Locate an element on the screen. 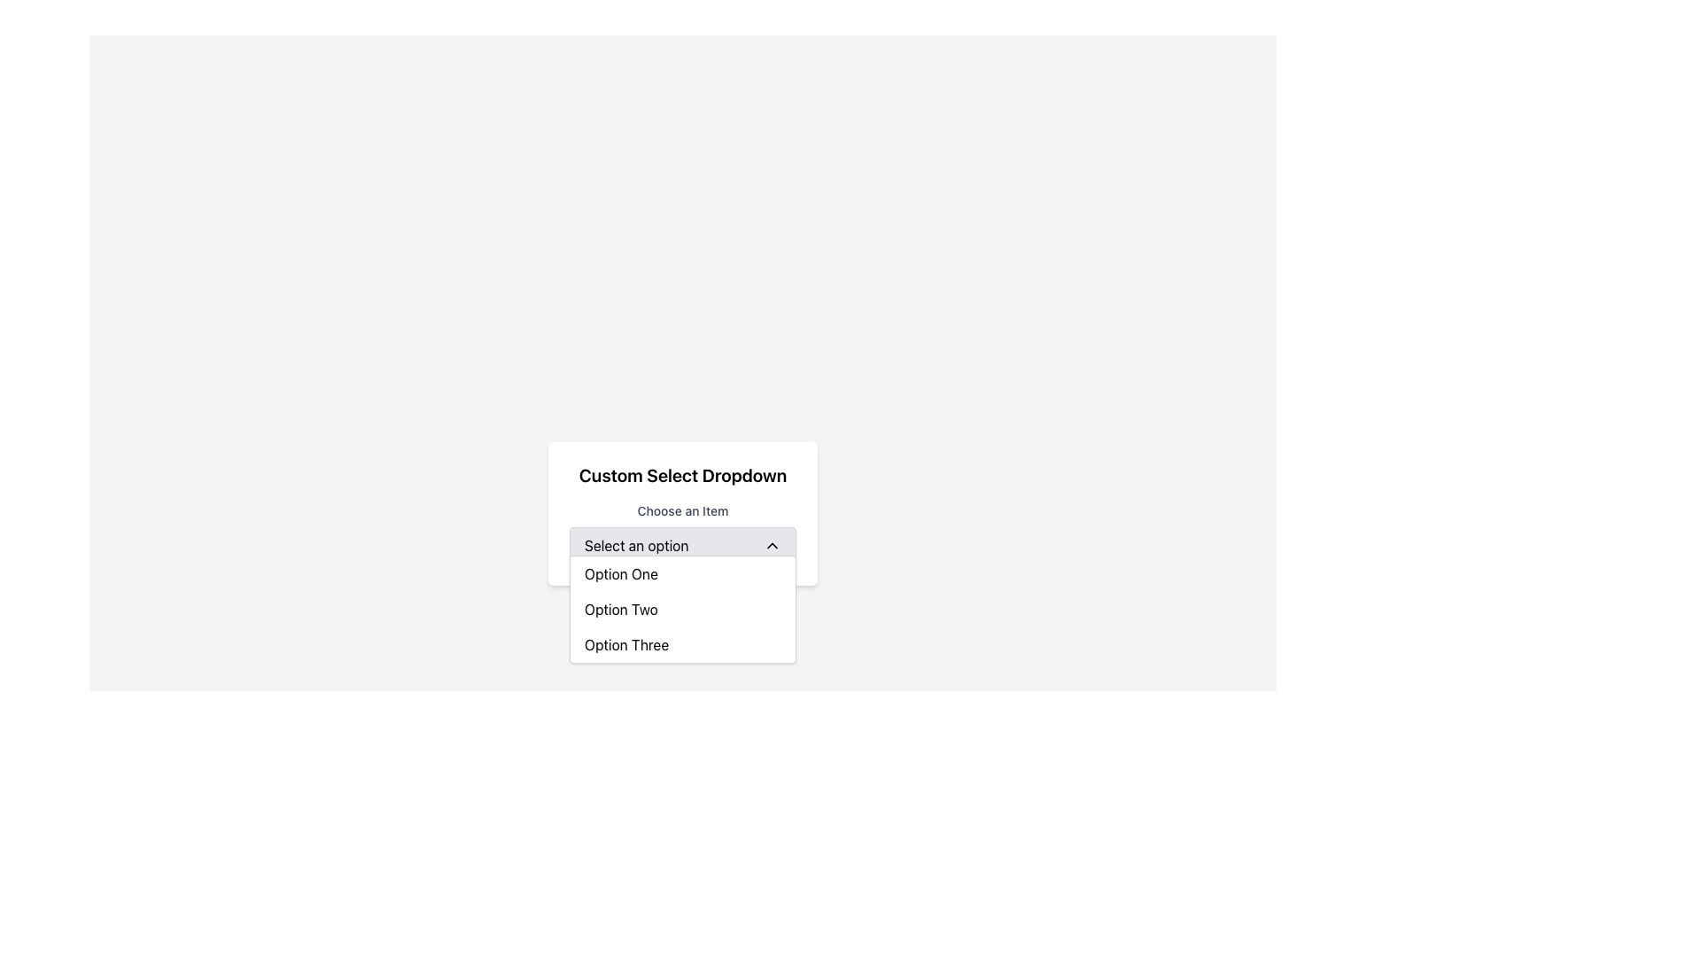 The height and width of the screenshot is (957, 1701). the Text Label that serves as an instruction for the dropdown menu, located below the heading 'Custom Select Dropdown' and above the dropdown menu 'Select an option' is located at coordinates (682, 513).